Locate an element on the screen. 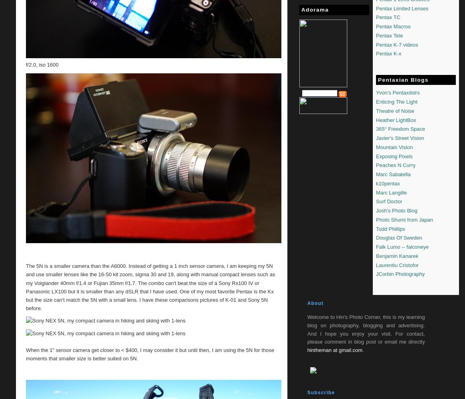 The height and width of the screenshot is (399, 465). 'Pentax TC' is located at coordinates (388, 17).